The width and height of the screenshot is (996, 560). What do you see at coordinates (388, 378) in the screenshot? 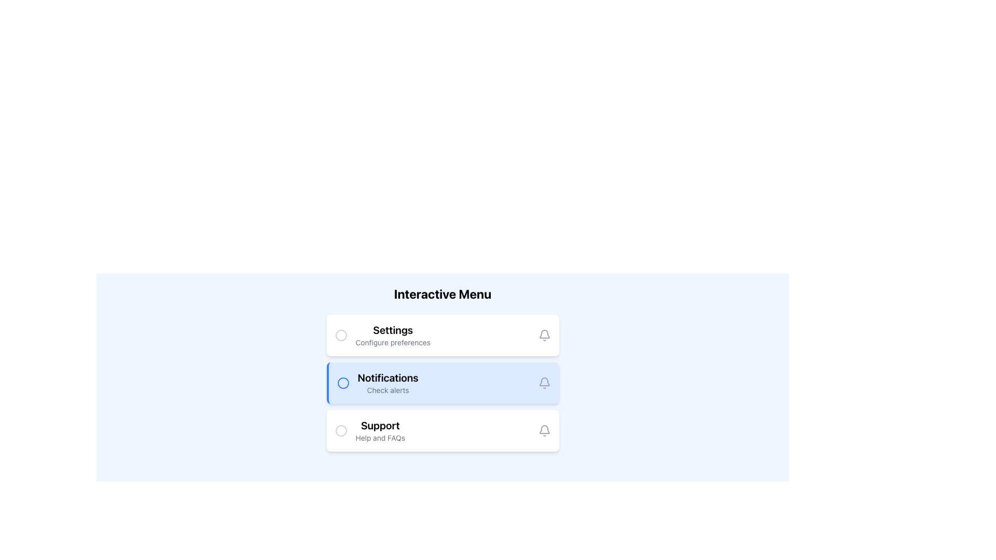
I see `the 'Notifications' title text label, which is the second menu item in the vertical list, located between 'Settings' and 'Support'` at bounding box center [388, 378].